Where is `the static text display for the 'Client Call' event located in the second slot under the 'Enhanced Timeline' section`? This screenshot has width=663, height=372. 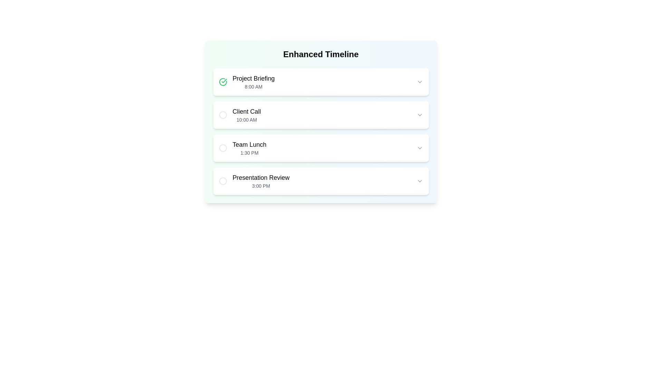 the static text display for the 'Client Call' event located in the second slot under the 'Enhanced Timeline' section is located at coordinates (247, 115).